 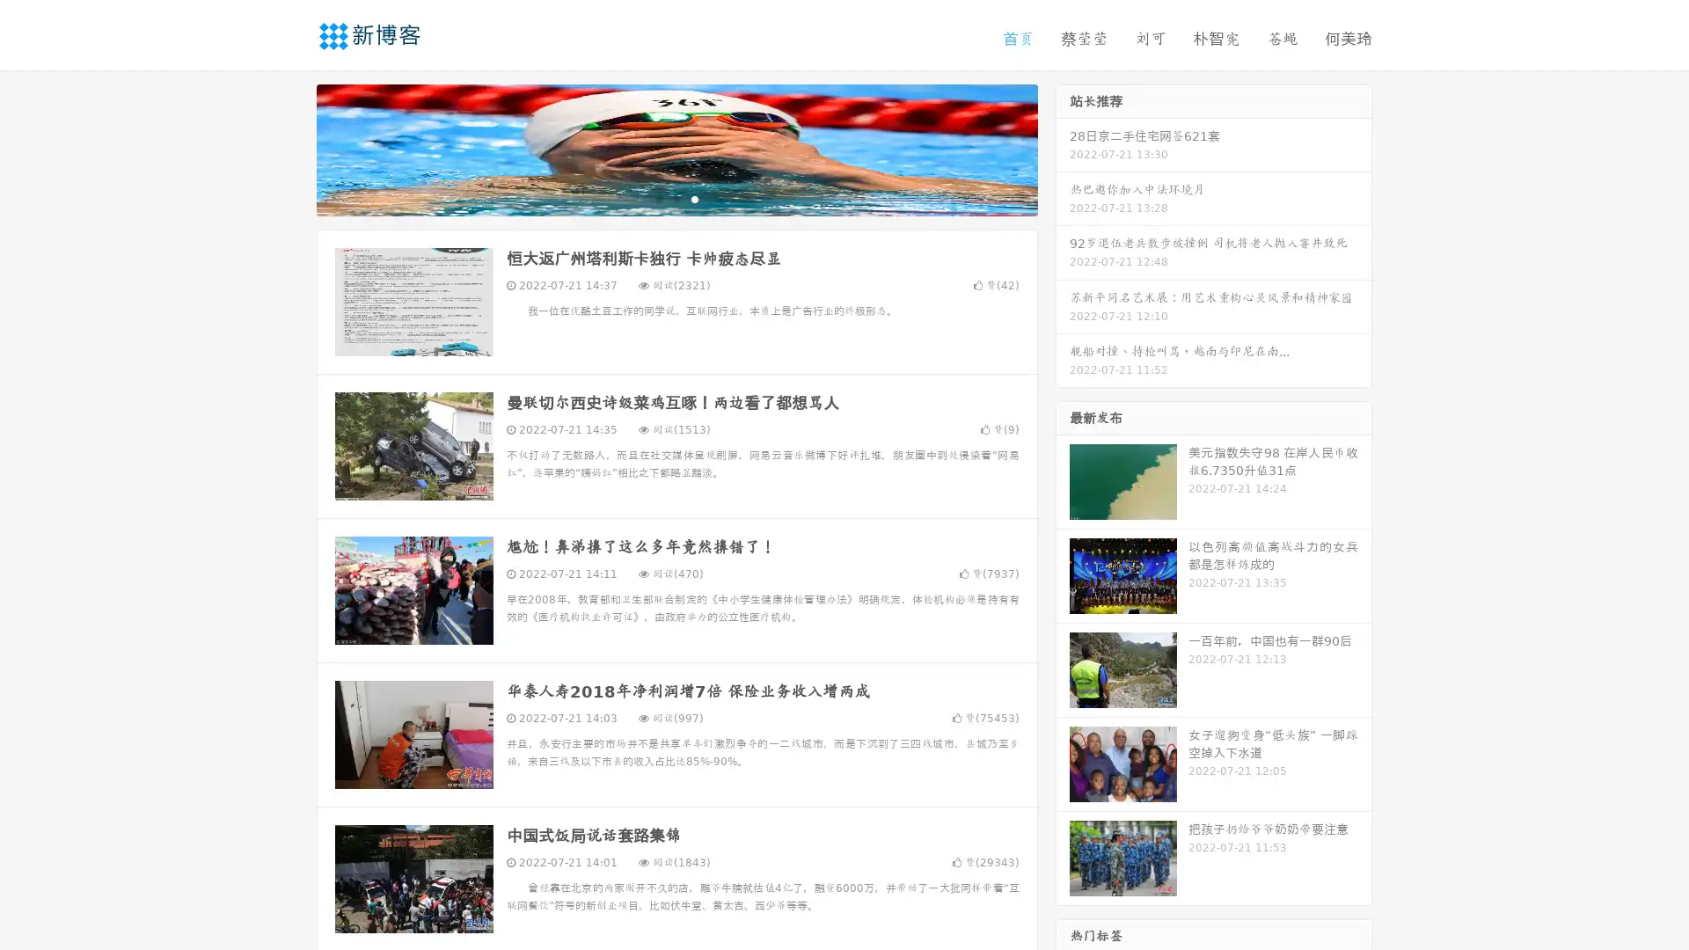 What do you see at coordinates (658, 198) in the screenshot?
I see `Go to slide 1` at bounding box center [658, 198].